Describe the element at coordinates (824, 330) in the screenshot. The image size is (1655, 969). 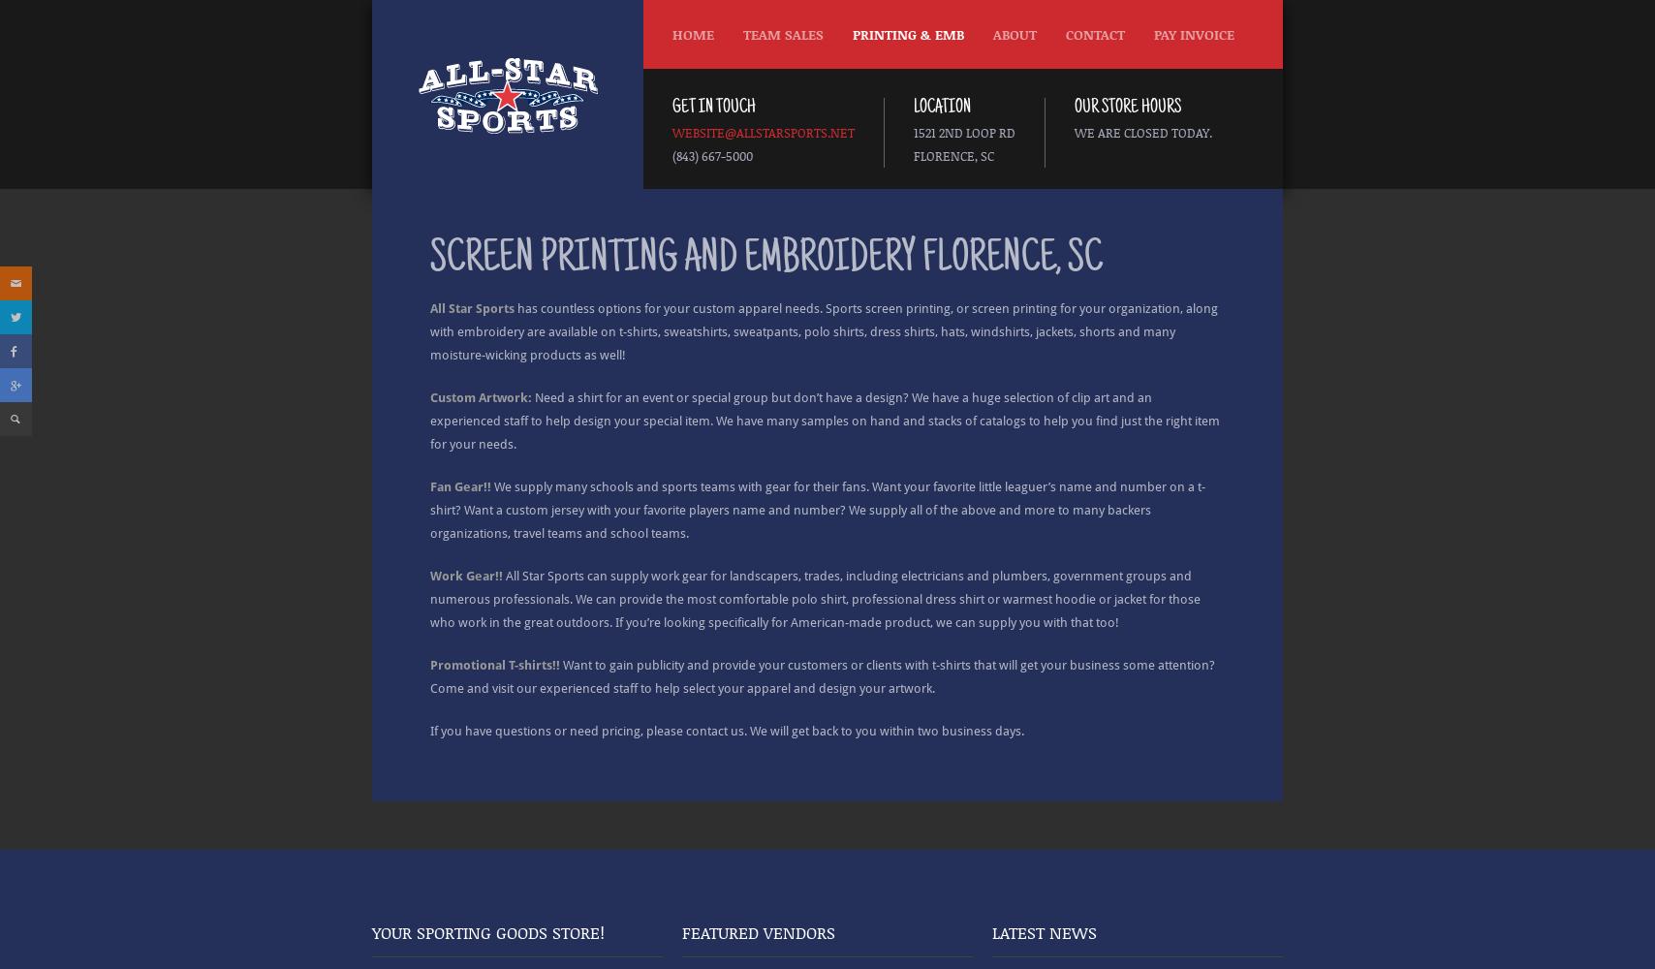
I see `'has countless options for your custom apparel needs. Sports screen printing, or screen printing for your organization, along with embroidery are available on t-shirts, sweatshirts, sweatpants, polo shirts, dress shirts, hats, windshirts, jackets, shorts and many moisture-wicking products as well!'` at that location.